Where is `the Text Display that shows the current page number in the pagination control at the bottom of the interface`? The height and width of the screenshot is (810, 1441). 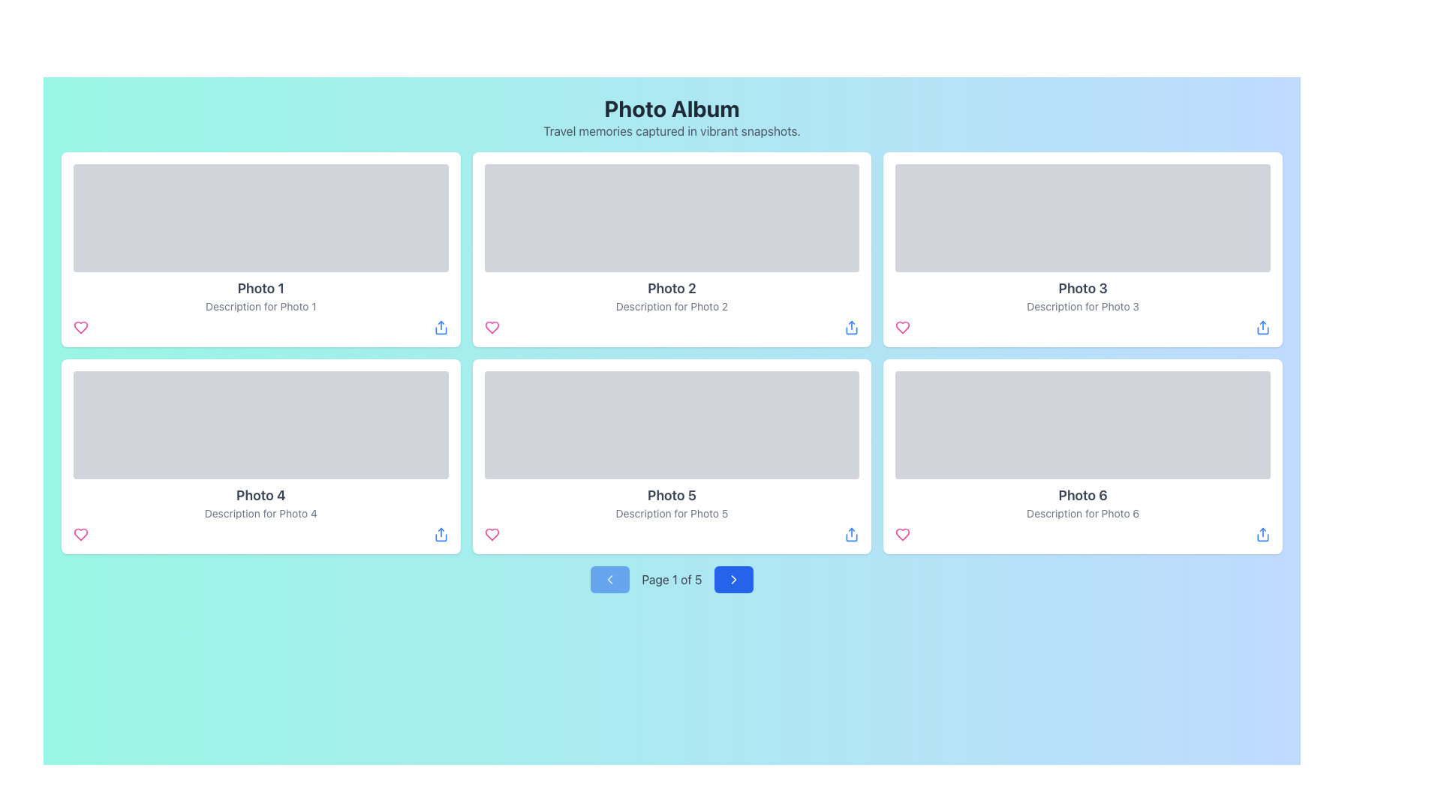 the Text Display that shows the current page number in the pagination control at the bottom of the interface is located at coordinates (671, 578).